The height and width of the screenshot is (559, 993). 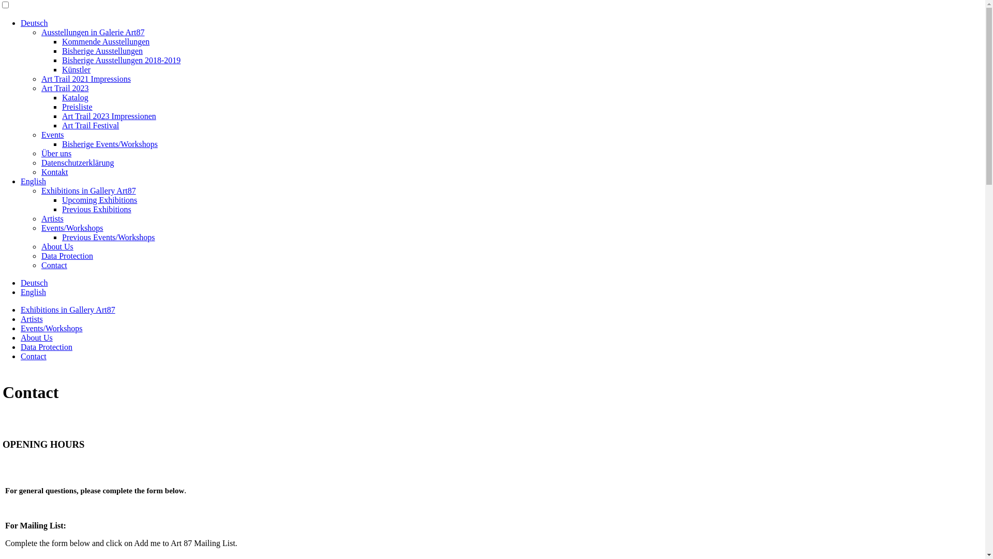 I want to click on 'Art Trail 2021 Impressions', so click(x=86, y=78).